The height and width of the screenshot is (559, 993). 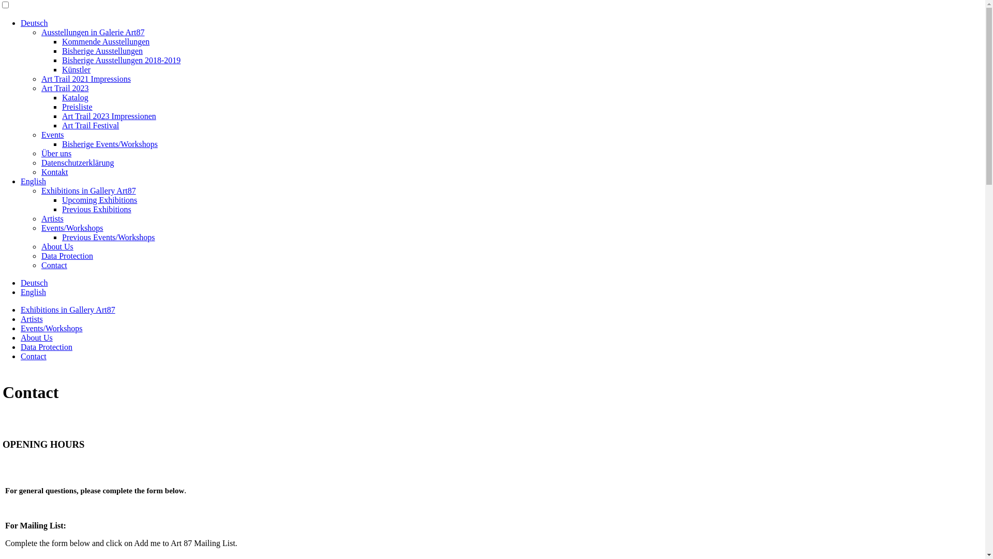 I want to click on 'Art Trail 2021 Impressions', so click(x=86, y=78).